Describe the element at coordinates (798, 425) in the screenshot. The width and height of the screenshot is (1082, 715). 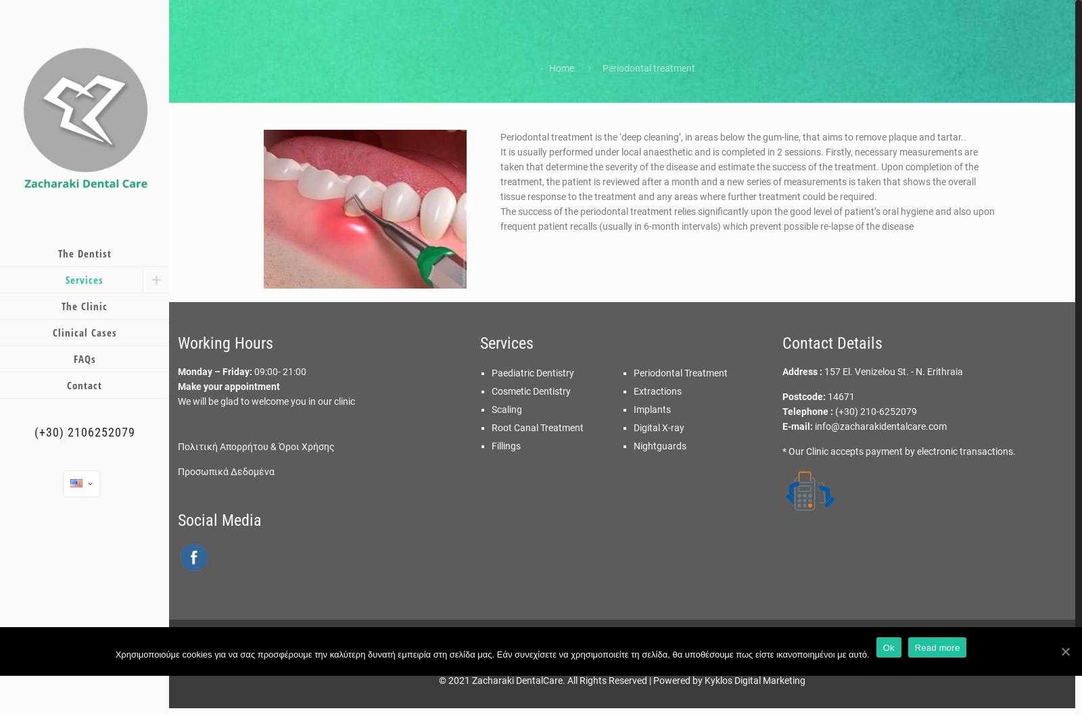
I see `'E-mail:'` at that location.